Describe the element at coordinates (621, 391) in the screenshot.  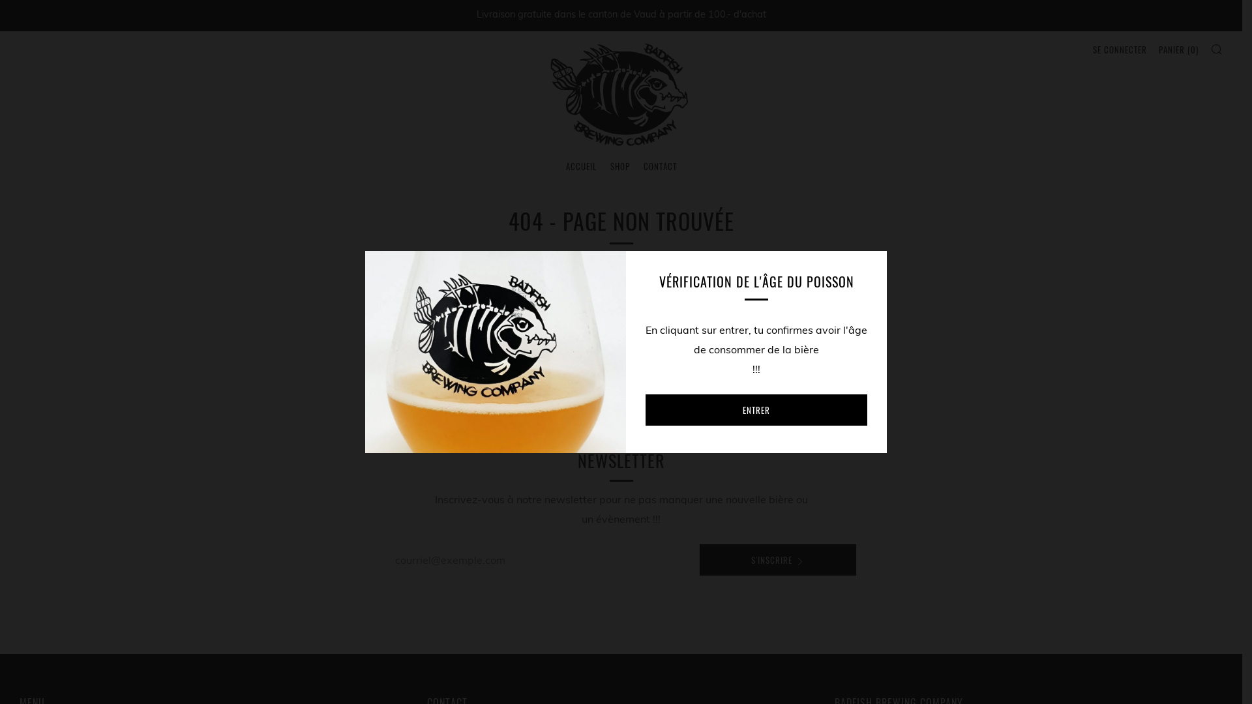
I see `'CONTINUER VOS ACHATS'` at that location.